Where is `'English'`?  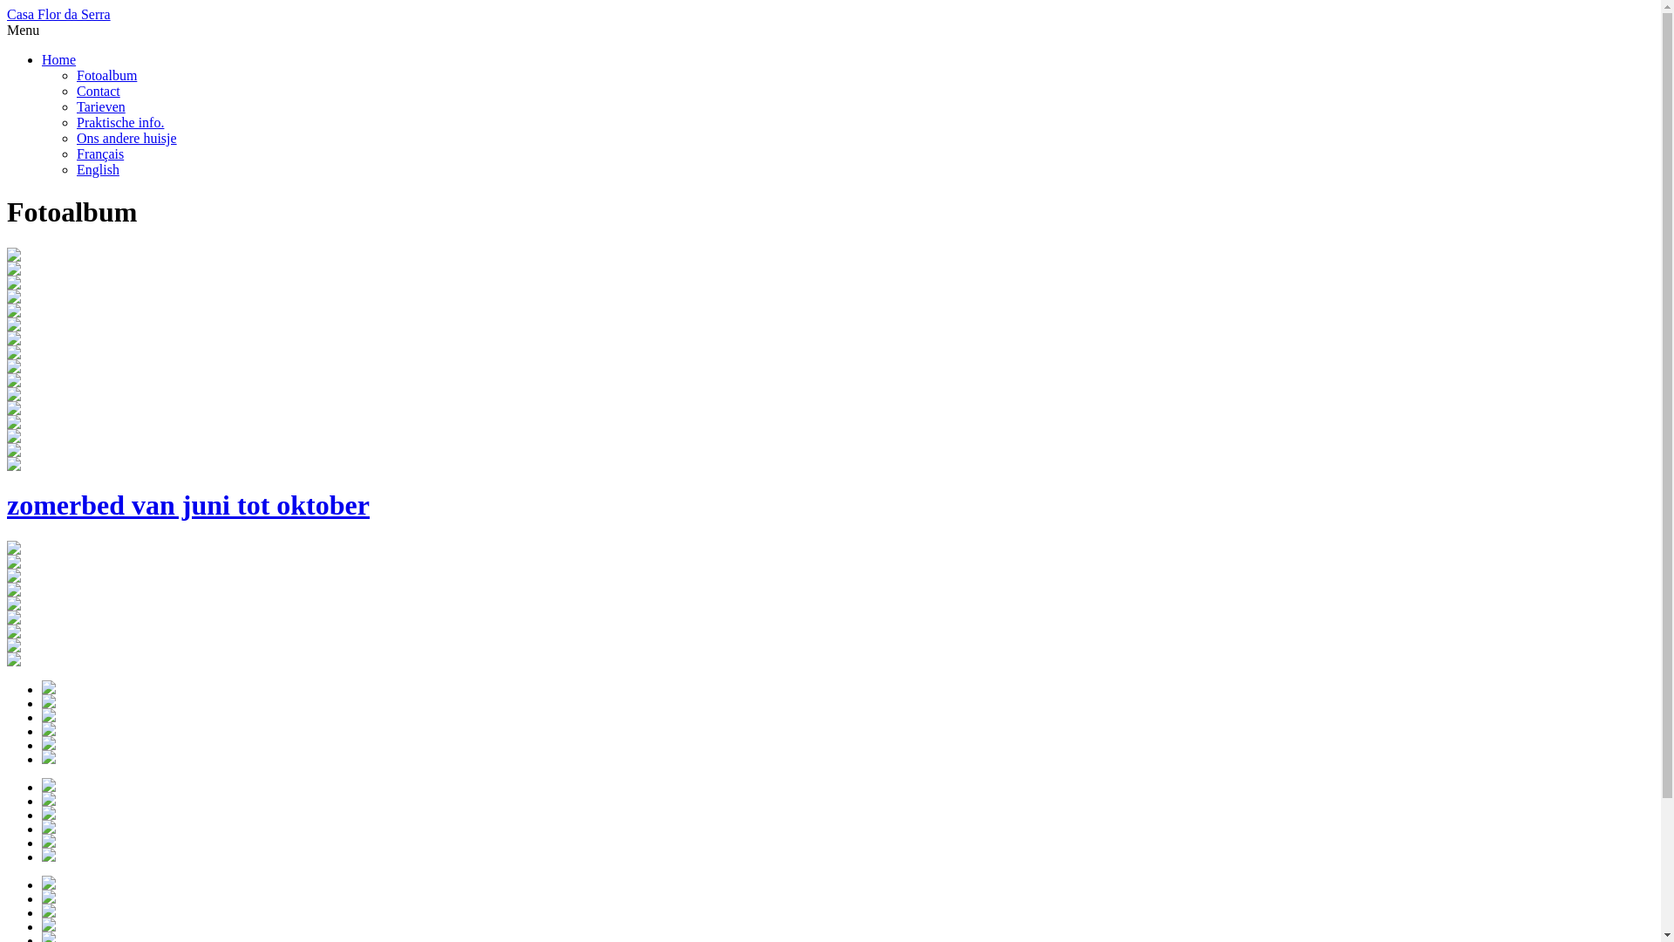 'English' is located at coordinates (97, 169).